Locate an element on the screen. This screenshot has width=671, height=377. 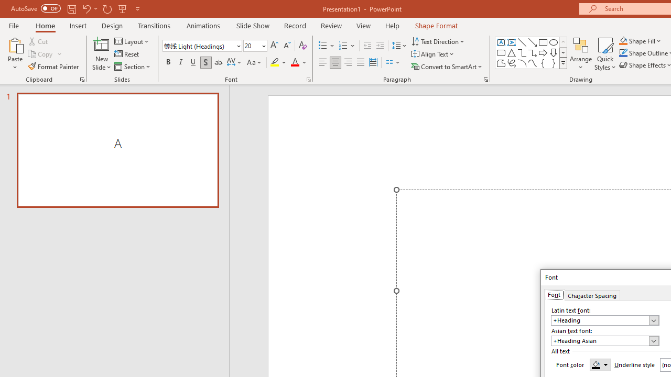
'Line' is located at coordinates (522, 42).